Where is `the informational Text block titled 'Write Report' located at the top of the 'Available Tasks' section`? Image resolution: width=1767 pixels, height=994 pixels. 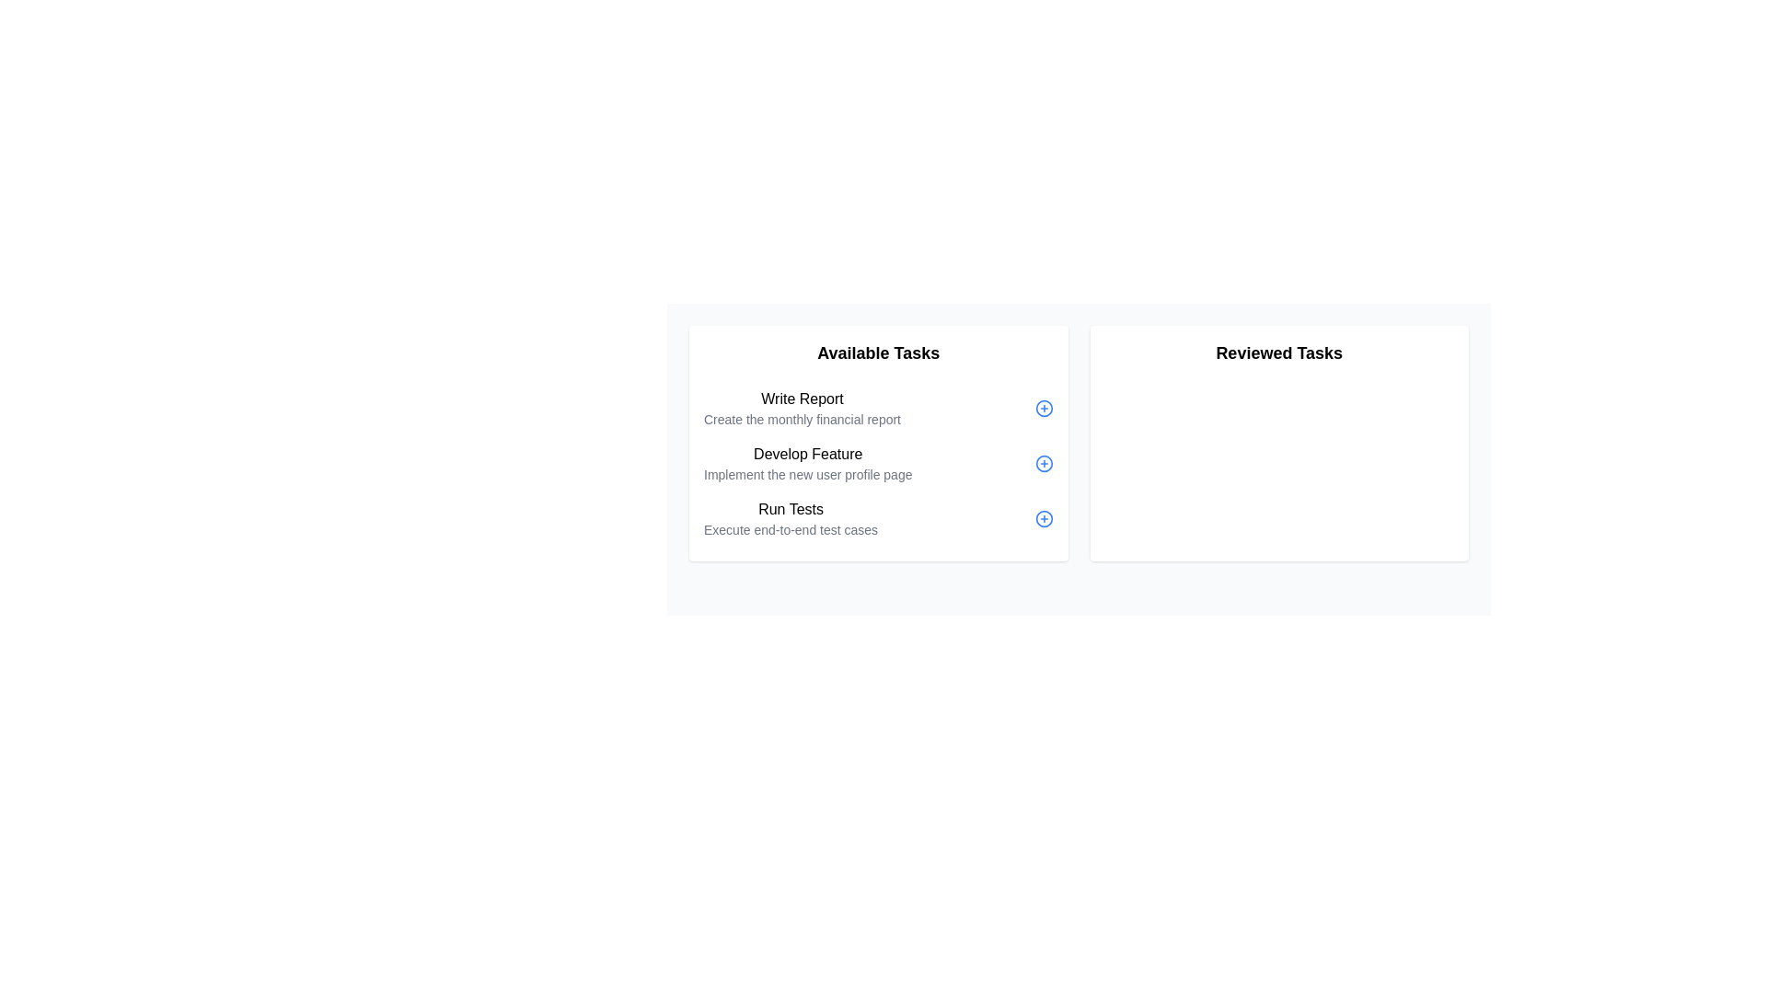
the informational Text block titled 'Write Report' located at the top of the 'Available Tasks' section is located at coordinates (803, 407).